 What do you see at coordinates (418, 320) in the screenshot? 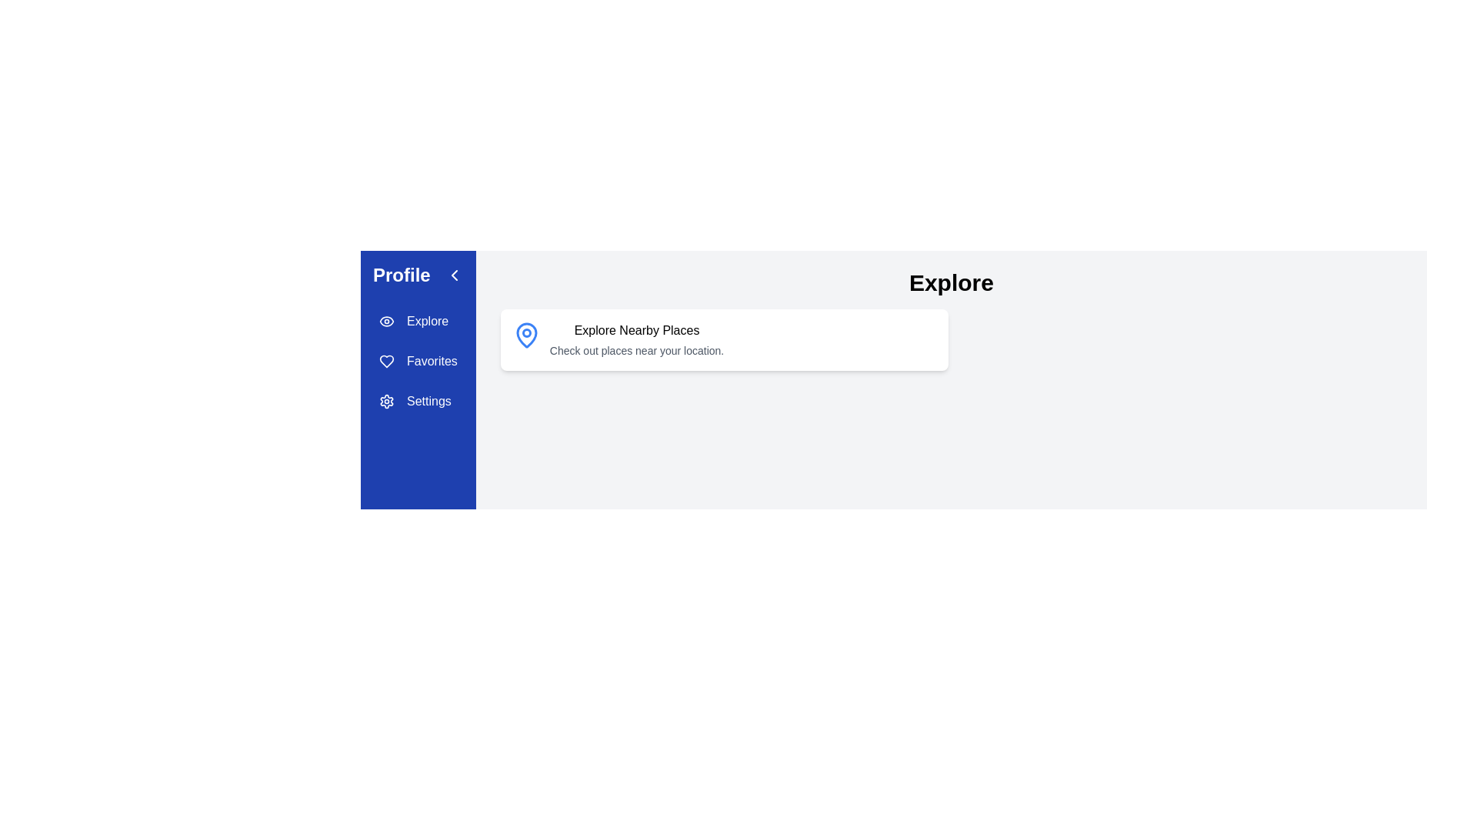
I see `the 'Explore' button in the blue sidebar` at bounding box center [418, 320].